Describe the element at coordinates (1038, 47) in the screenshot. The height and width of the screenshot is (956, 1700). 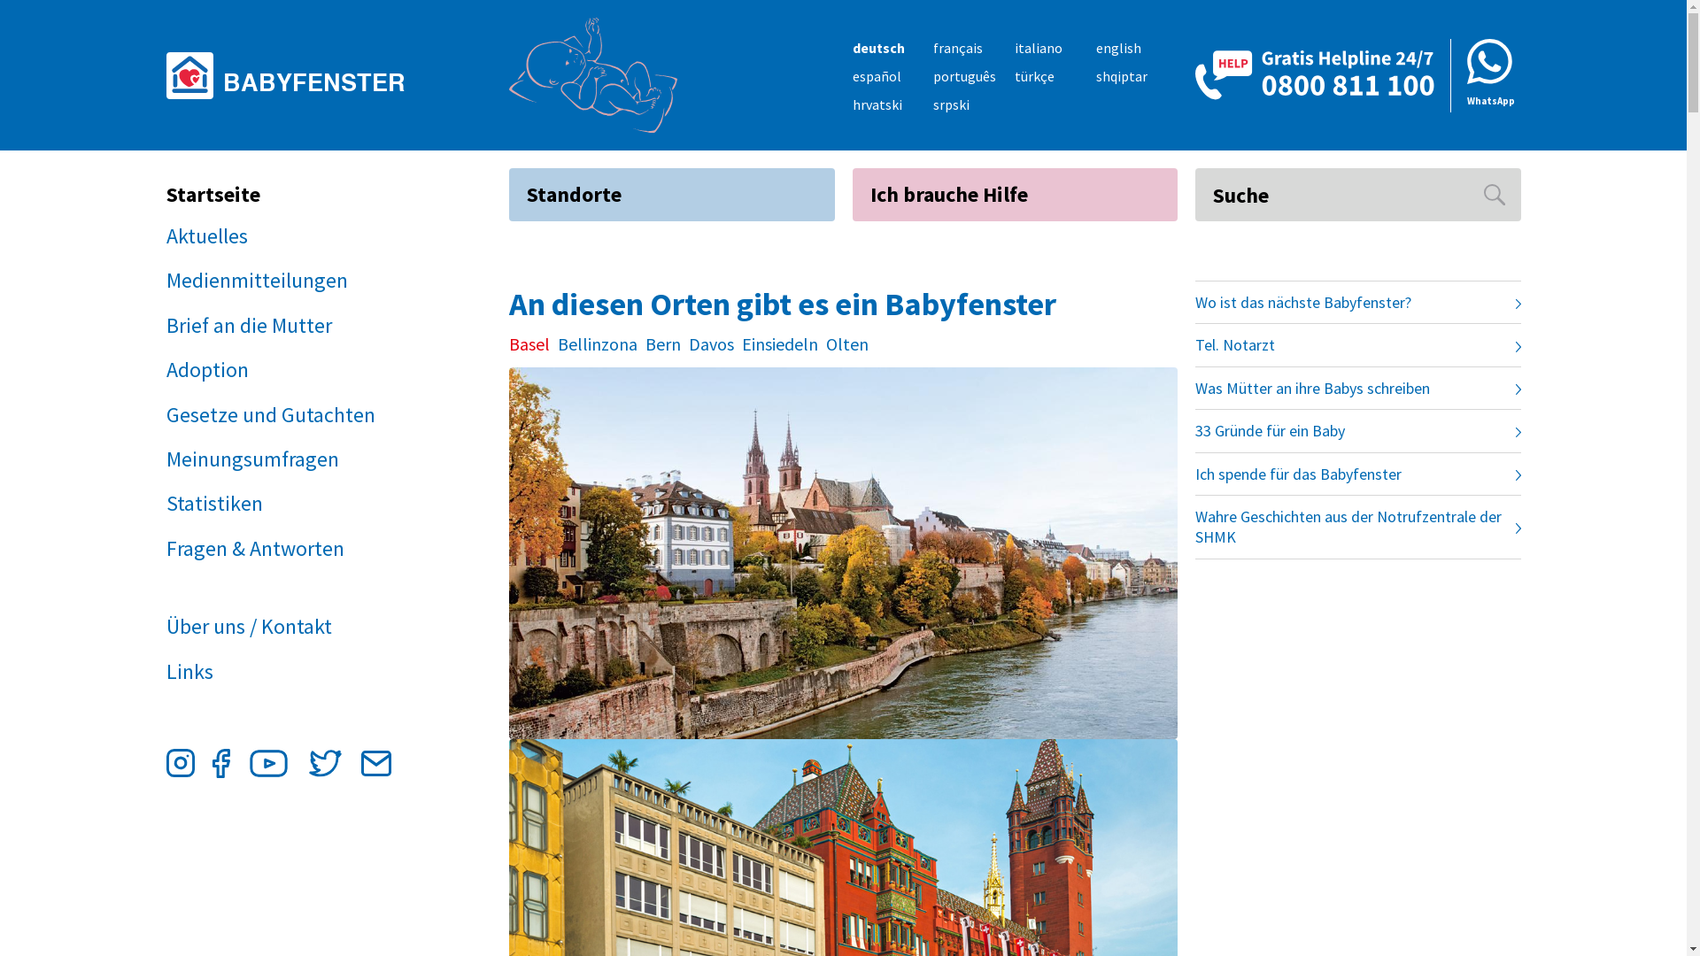
I see `'italiano'` at that location.